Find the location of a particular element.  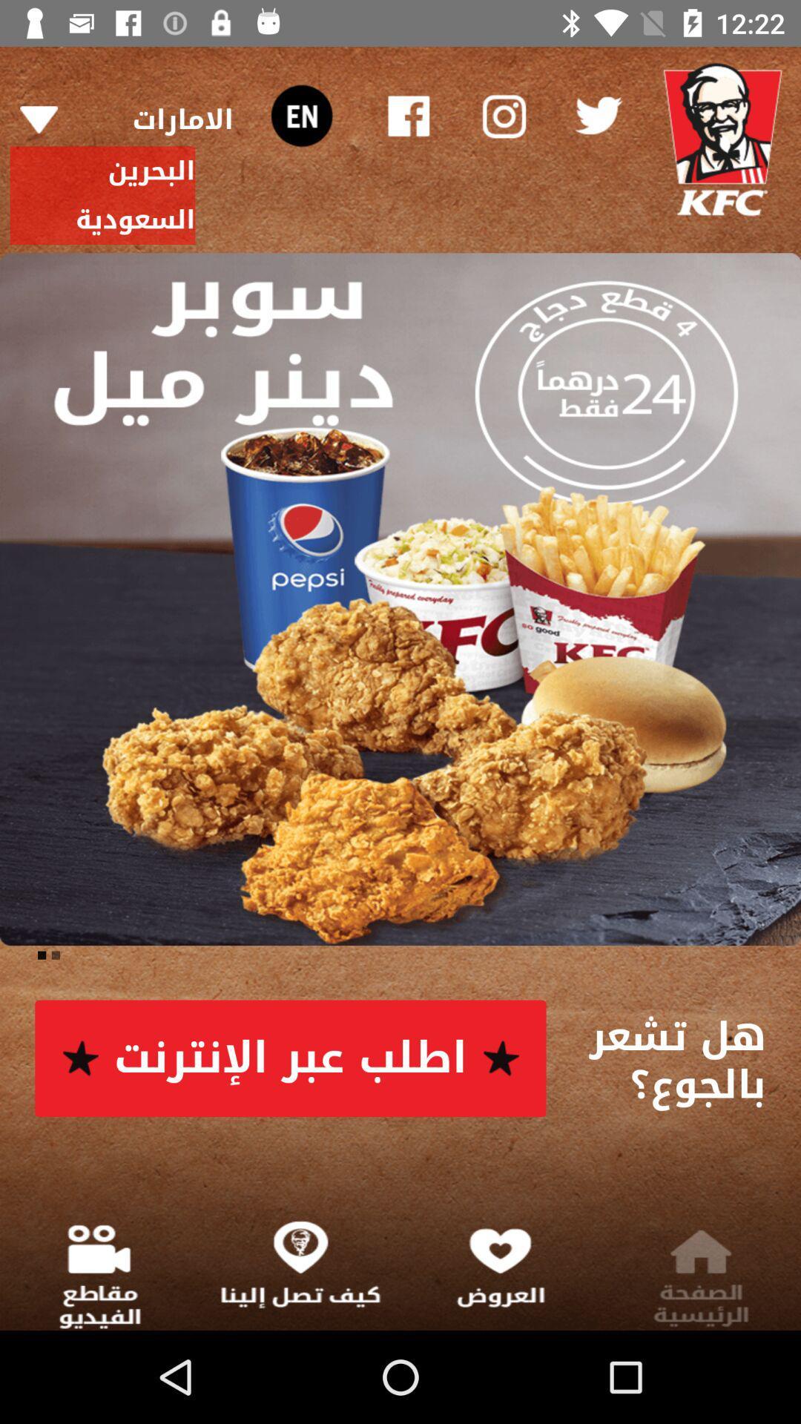

the avatar icon is located at coordinates (722, 139).